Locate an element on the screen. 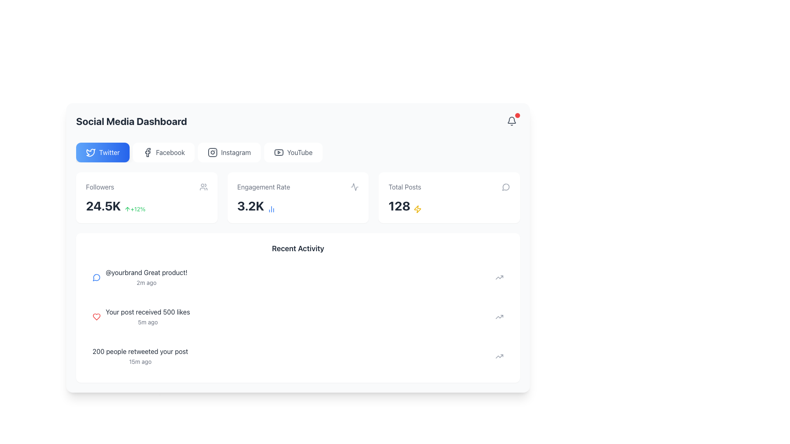 The width and height of the screenshot is (790, 444). the text display that shows '200 people retweeted your post' located in the 'Recent Activity' section, specifically the bottommost entry above the timestamp '15m ago' is located at coordinates (140, 351).